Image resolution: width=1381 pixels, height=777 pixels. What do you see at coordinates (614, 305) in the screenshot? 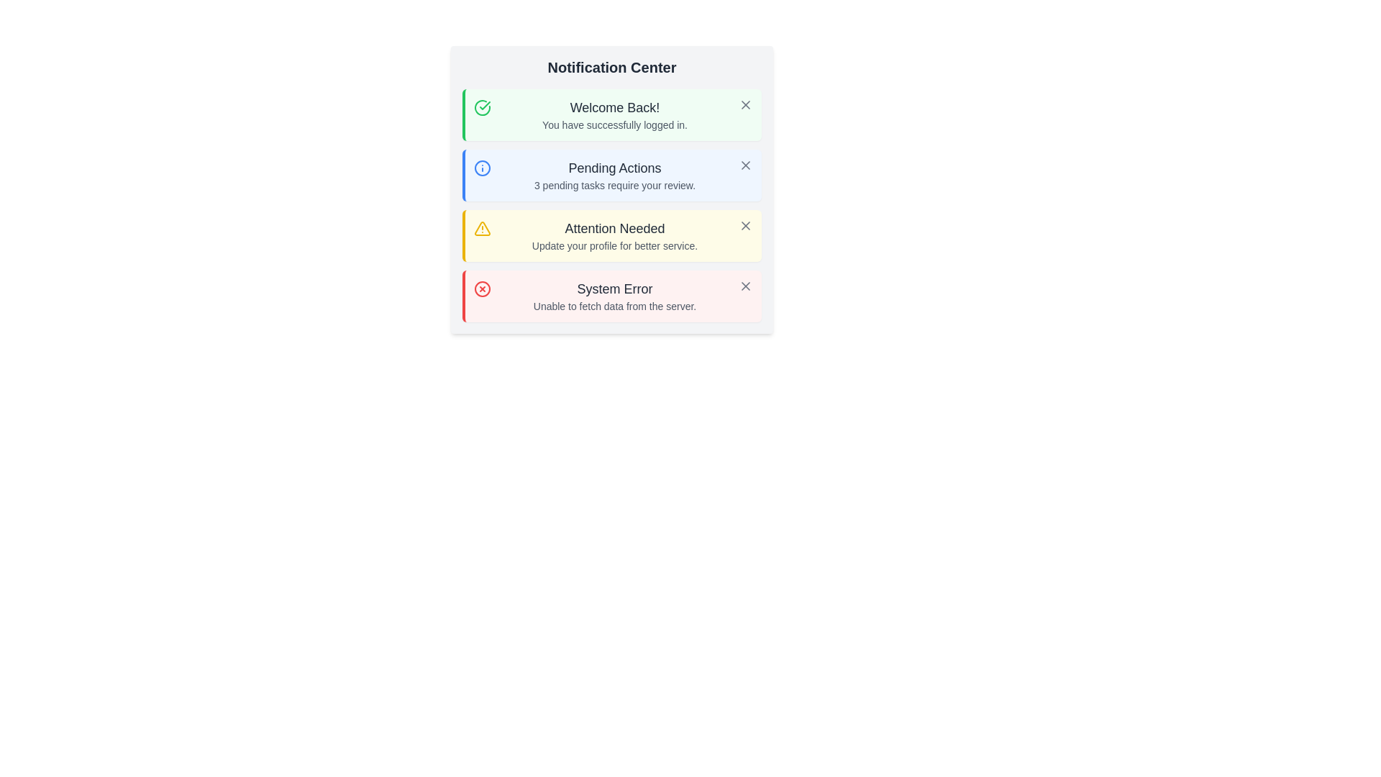
I see `the text element displaying 'Unable to fetch data from the server.', which is styled in gray and smaller than standard font, located below the 'System Error' text in the bottom-most row of the notification list` at bounding box center [614, 305].